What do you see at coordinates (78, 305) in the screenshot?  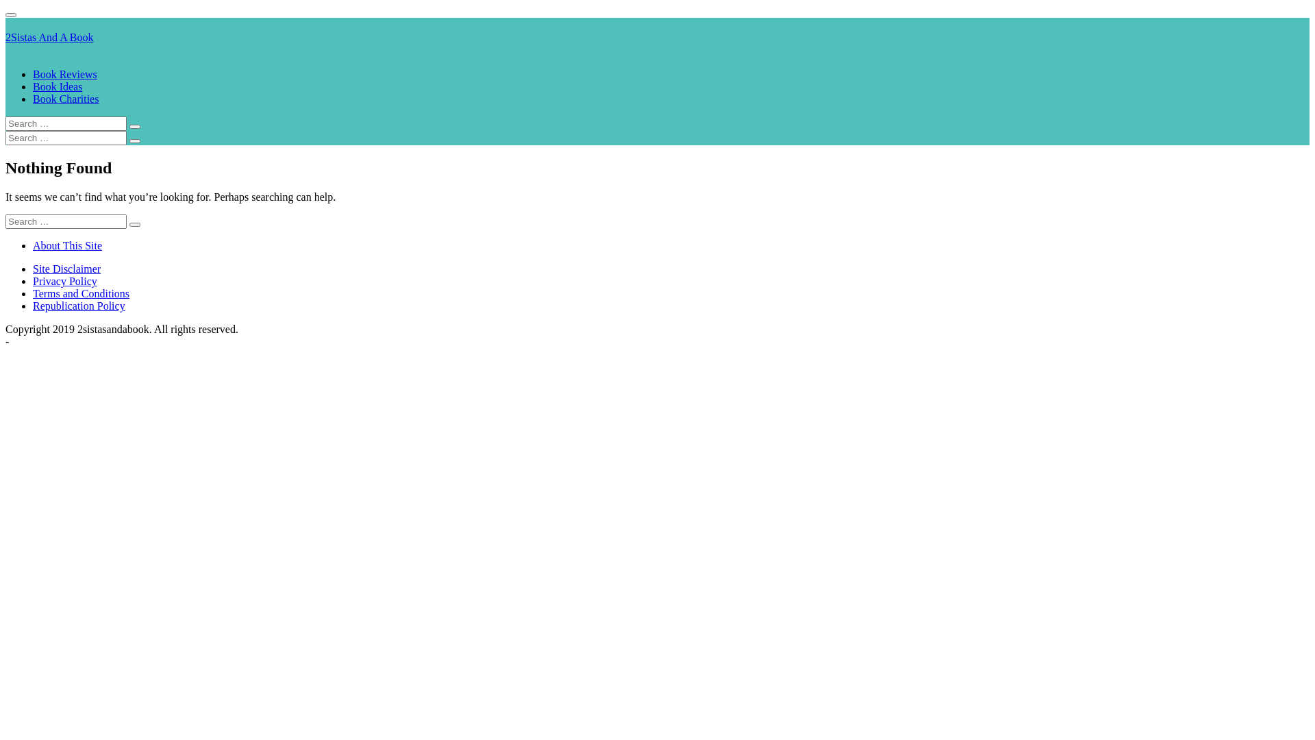 I see `'Republication Policy'` at bounding box center [78, 305].